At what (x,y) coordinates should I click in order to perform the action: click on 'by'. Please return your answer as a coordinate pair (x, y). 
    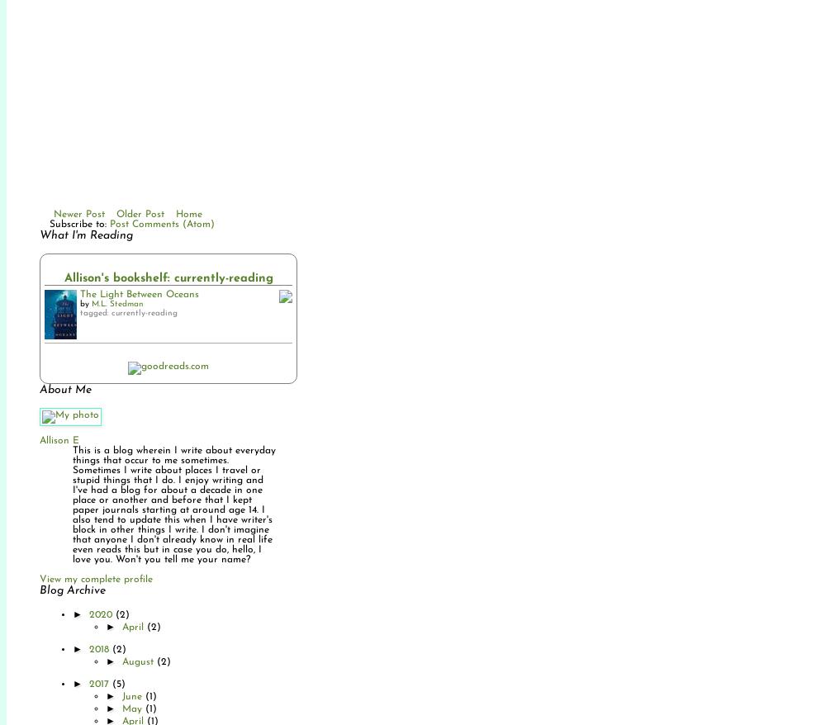
    Looking at the image, I should click on (86, 303).